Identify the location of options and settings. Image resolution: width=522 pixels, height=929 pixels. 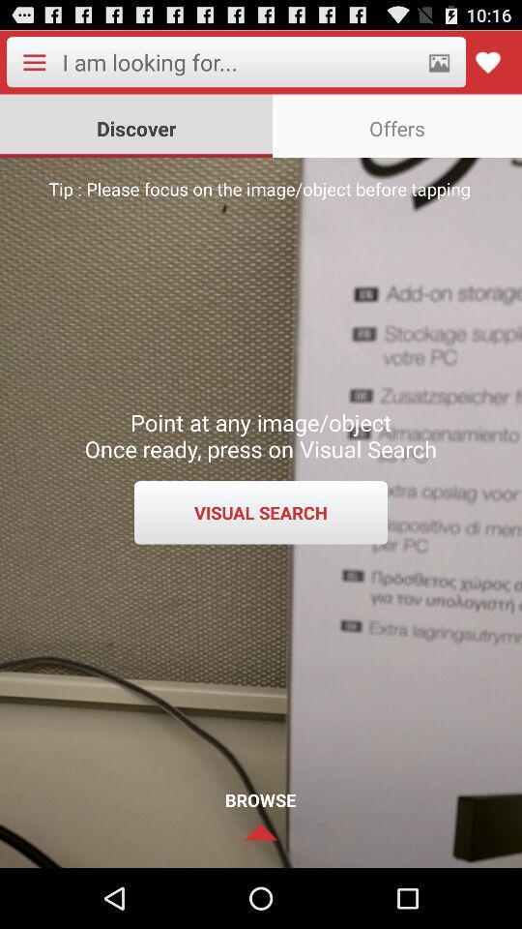
(34, 62).